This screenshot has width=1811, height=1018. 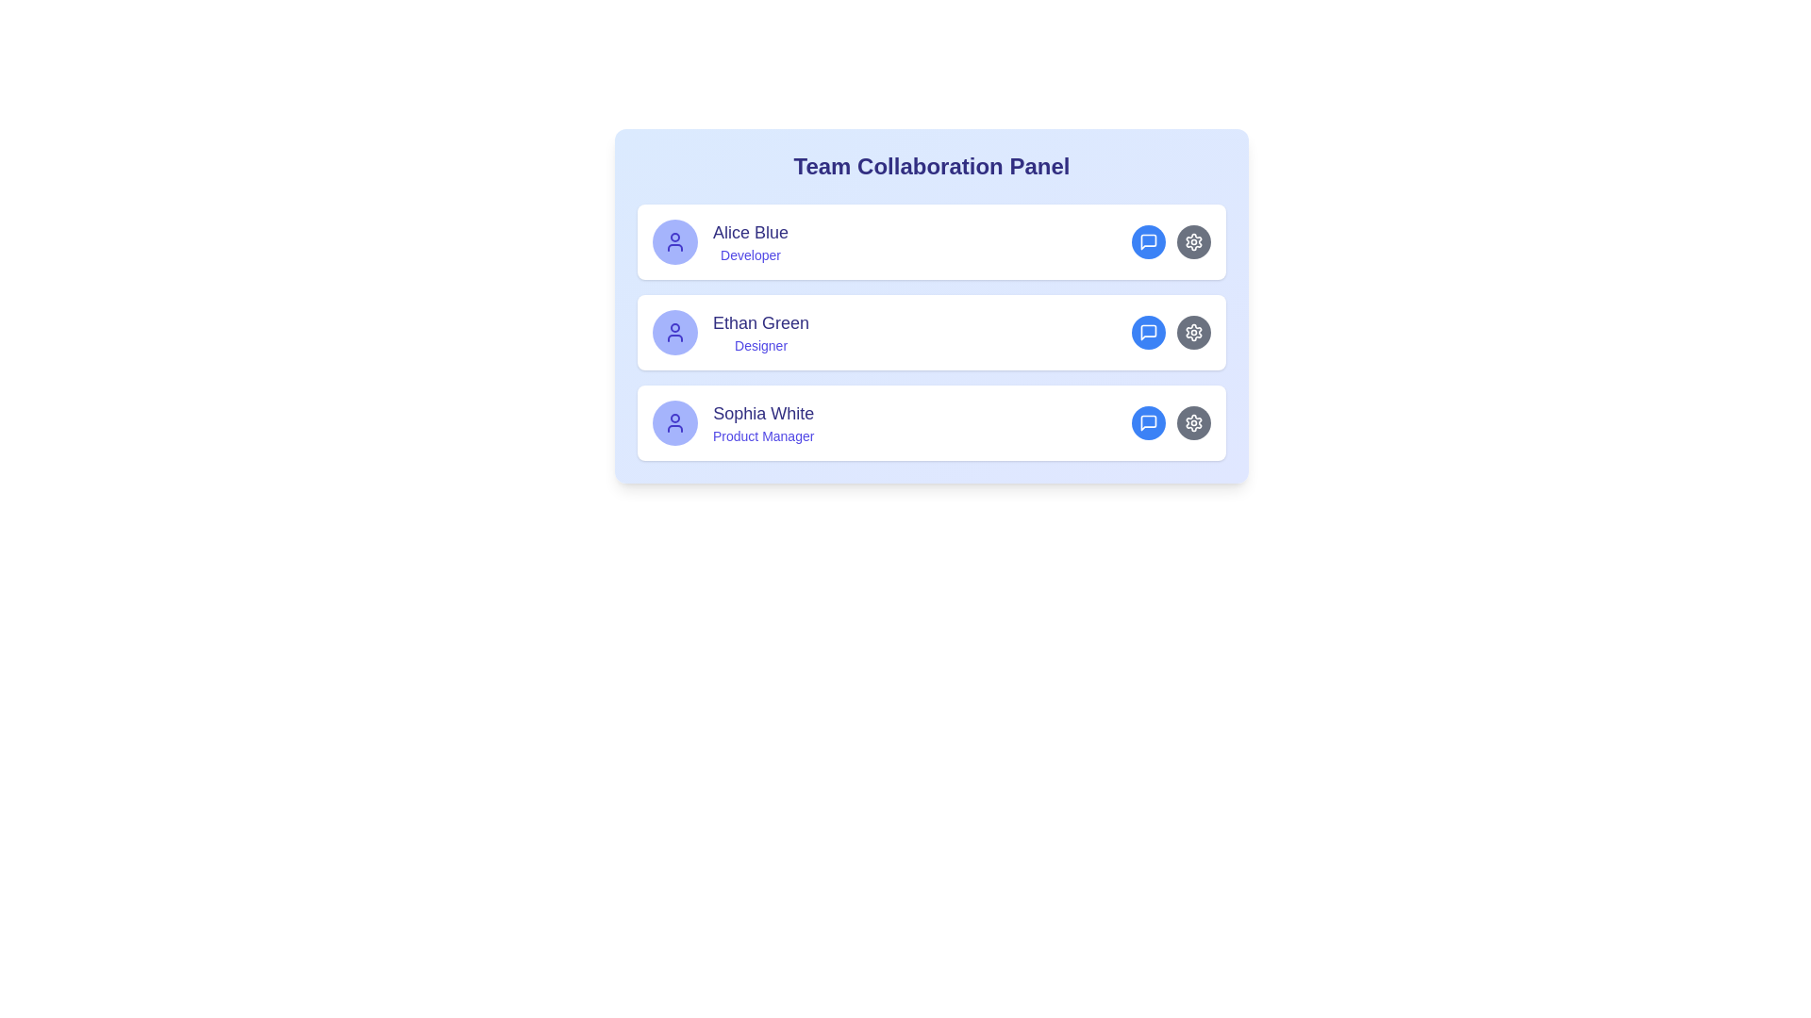 What do you see at coordinates (1193, 241) in the screenshot?
I see `the circular settings button with a gear icon, which is the second button in the horizontal row located in the topmost section of the team collaboration panel, to observe its hover effect` at bounding box center [1193, 241].